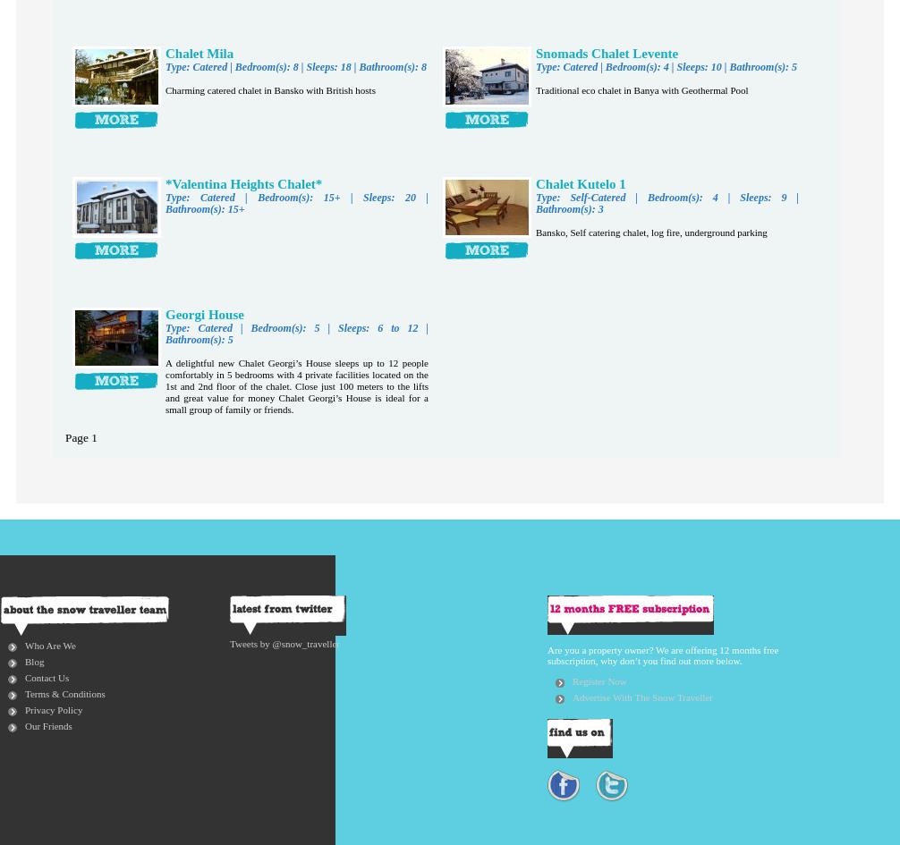 The height and width of the screenshot is (845, 900). I want to click on 'Terms & Conditions', so click(64, 691).